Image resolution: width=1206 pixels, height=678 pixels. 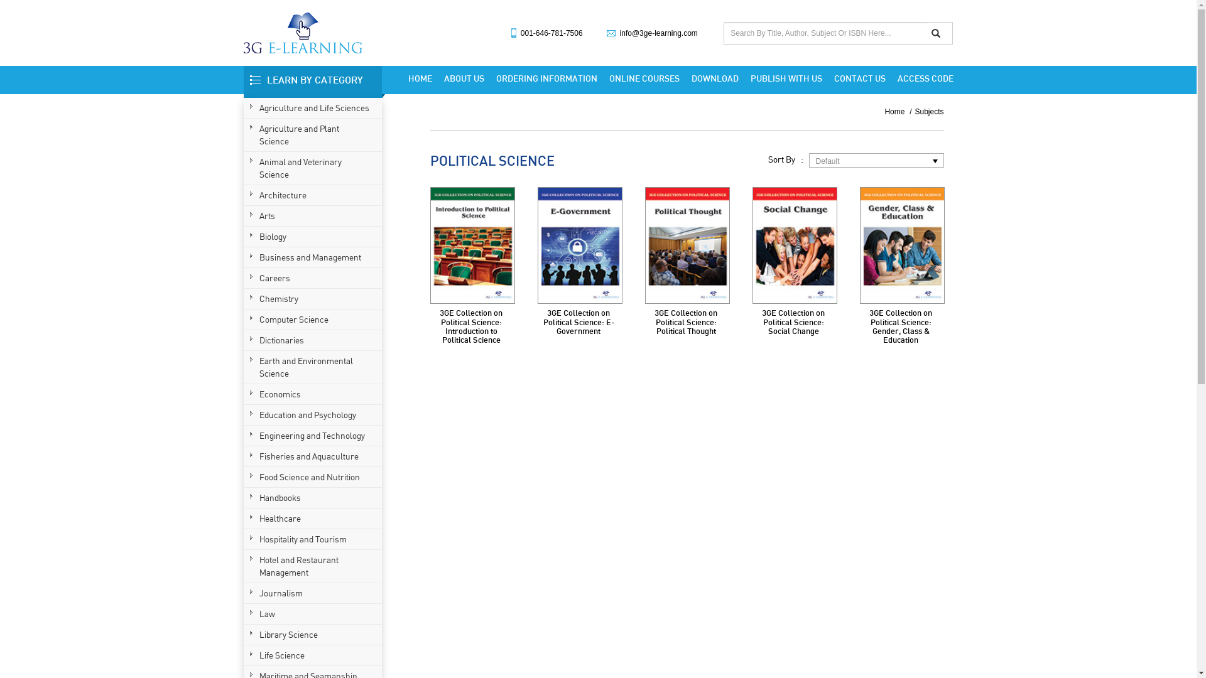 What do you see at coordinates (604, 78) in the screenshot?
I see `'ONLINE COURSES'` at bounding box center [604, 78].